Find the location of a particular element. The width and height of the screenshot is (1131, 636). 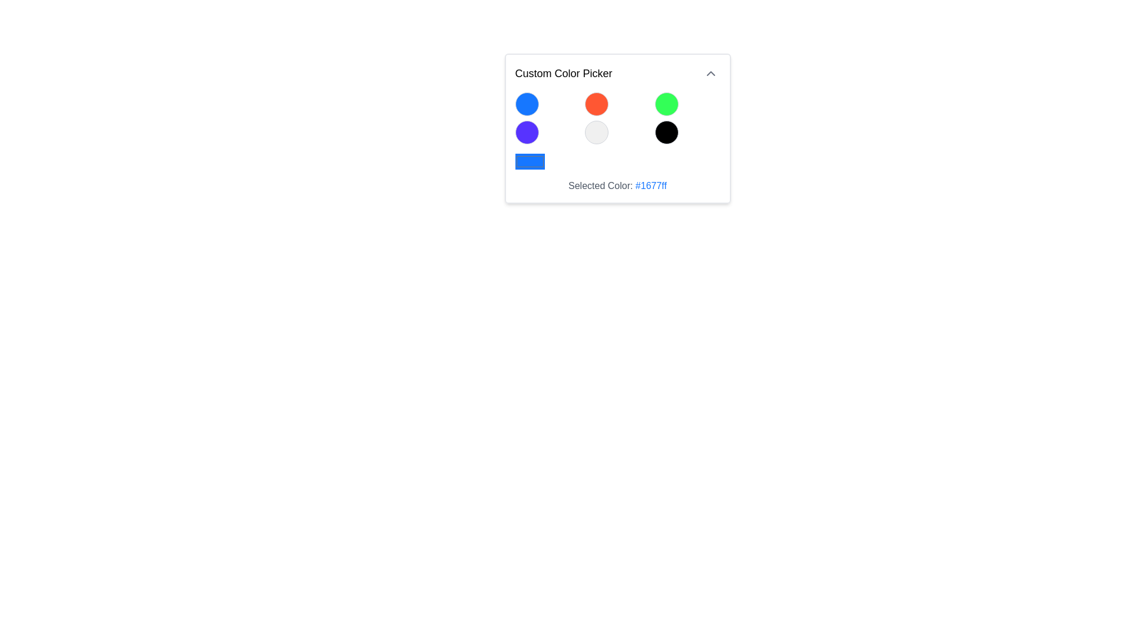

the button with a chevron icon located at the top-right corner of the 'Custom Color Picker' section is located at coordinates (710, 73).